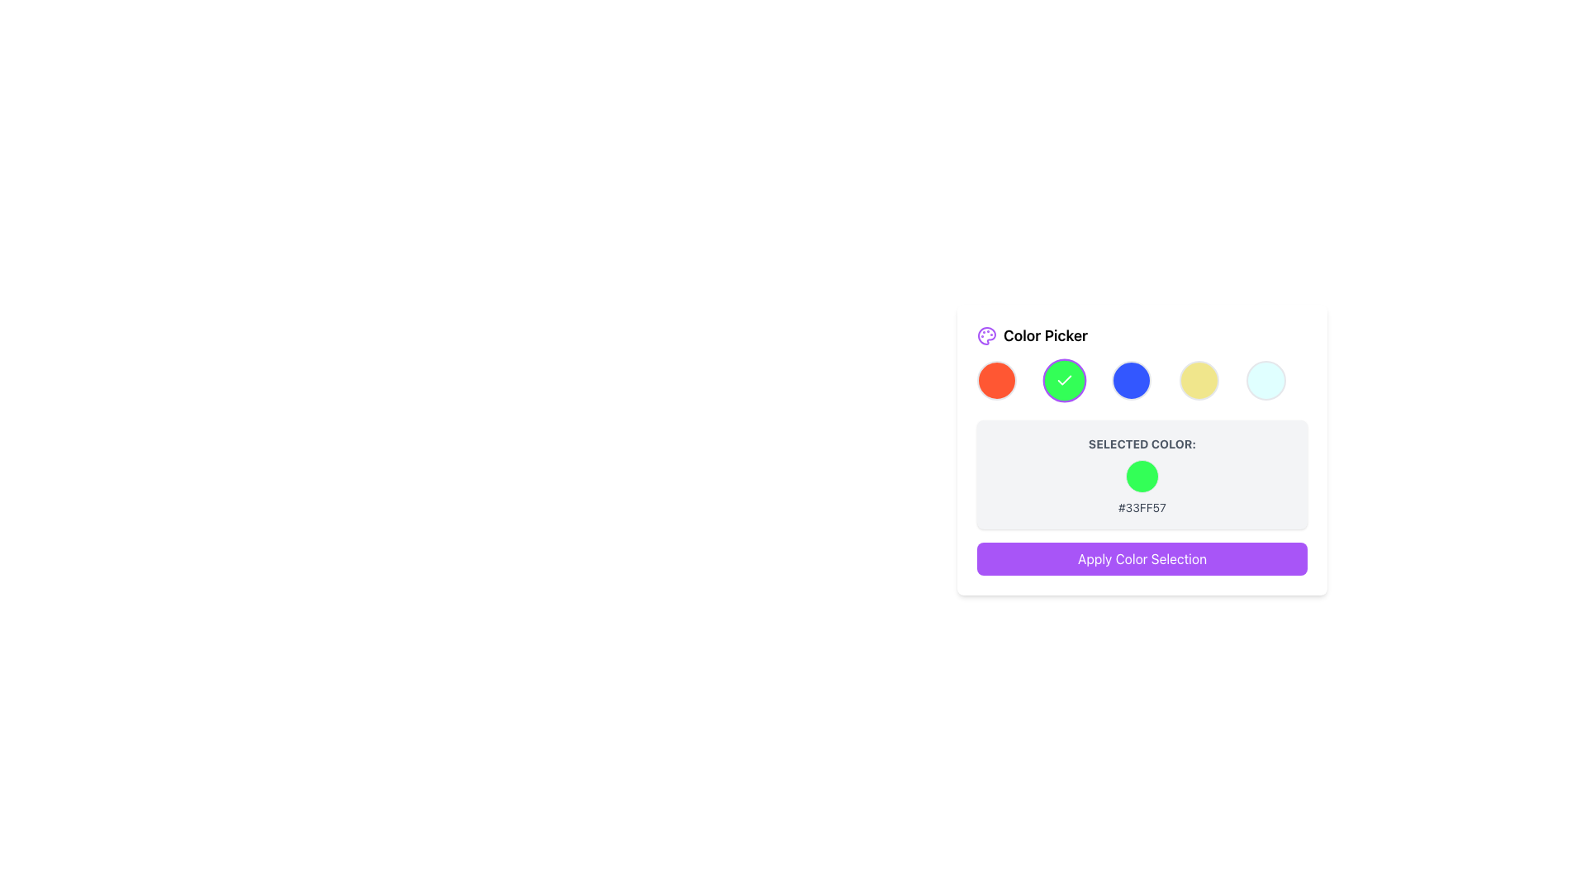 This screenshot has height=892, width=1586. What do you see at coordinates (1141, 474) in the screenshot?
I see `the Informative display section that shows 'Selected Color:' and the hex code '#33FF57', which is centrally located below the color options and above the 'Apply Color Selection' button` at bounding box center [1141, 474].